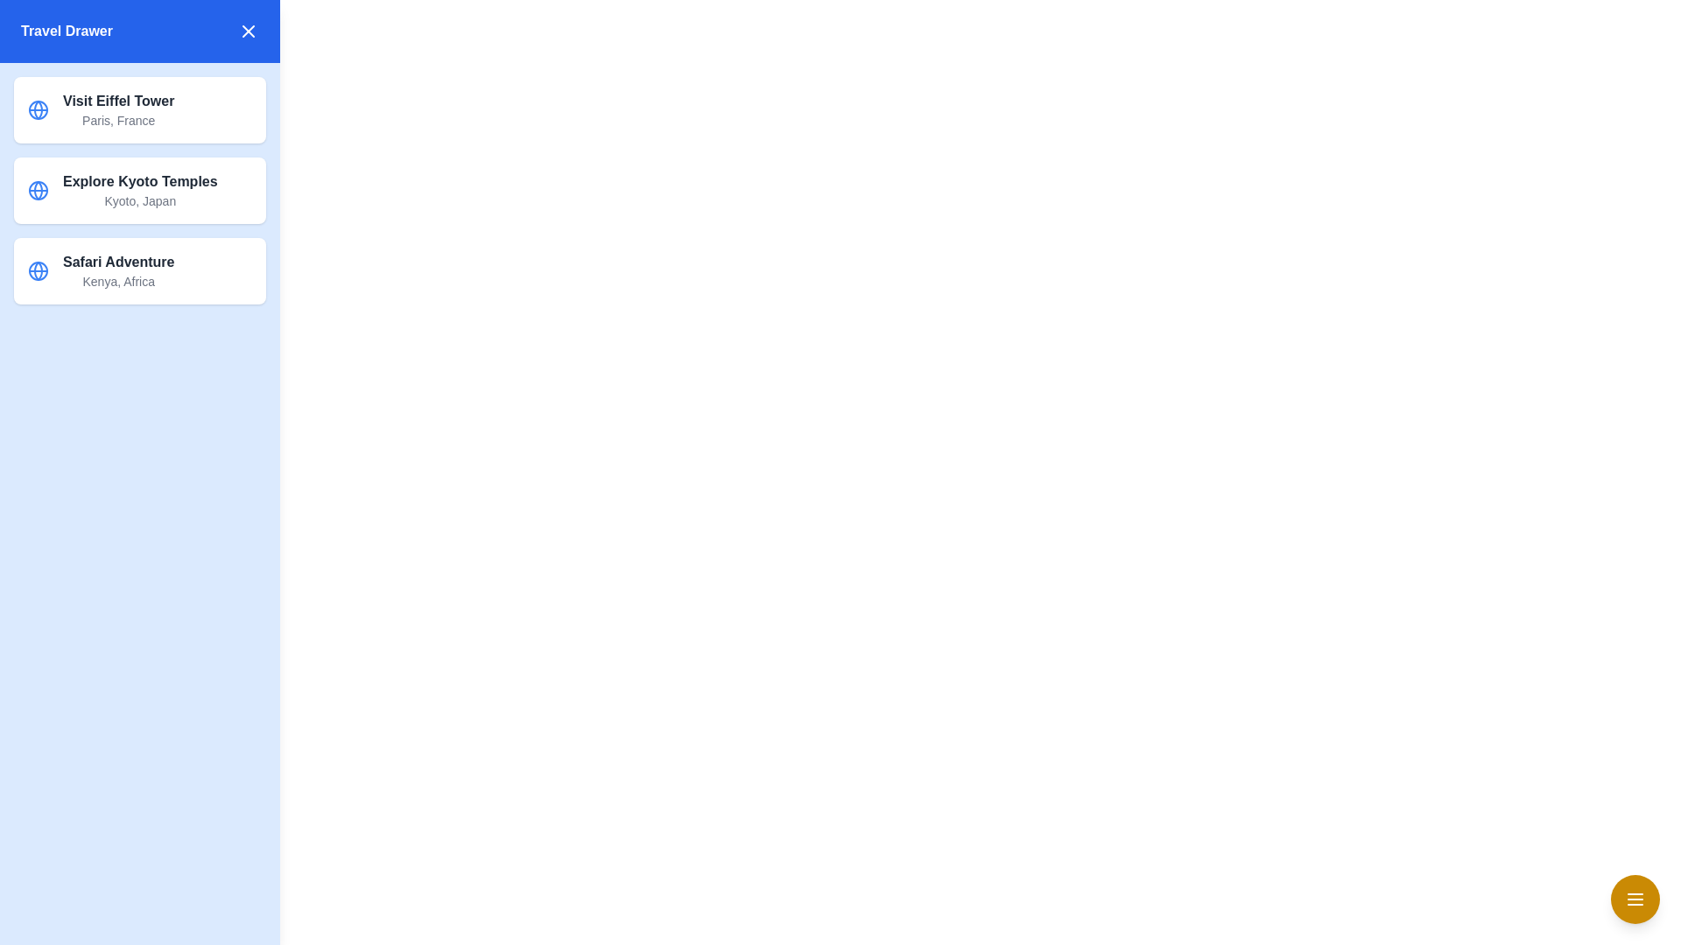 The image size is (1681, 945). What do you see at coordinates (138, 270) in the screenshot?
I see `the 'Safari Adventure' button, which is a rectangular card with a white background, rounded corners, and a blue globe icon, located in the light blue sidebar` at bounding box center [138, 270].